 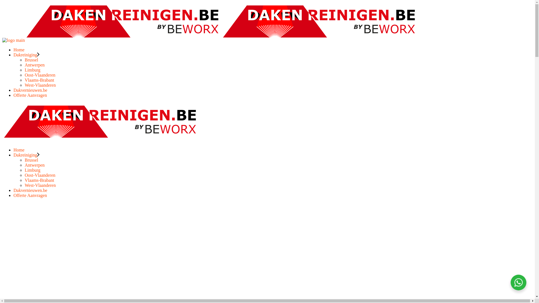 I want to click on 'Dakvernieuwen.be', so click(x=30, y=90).